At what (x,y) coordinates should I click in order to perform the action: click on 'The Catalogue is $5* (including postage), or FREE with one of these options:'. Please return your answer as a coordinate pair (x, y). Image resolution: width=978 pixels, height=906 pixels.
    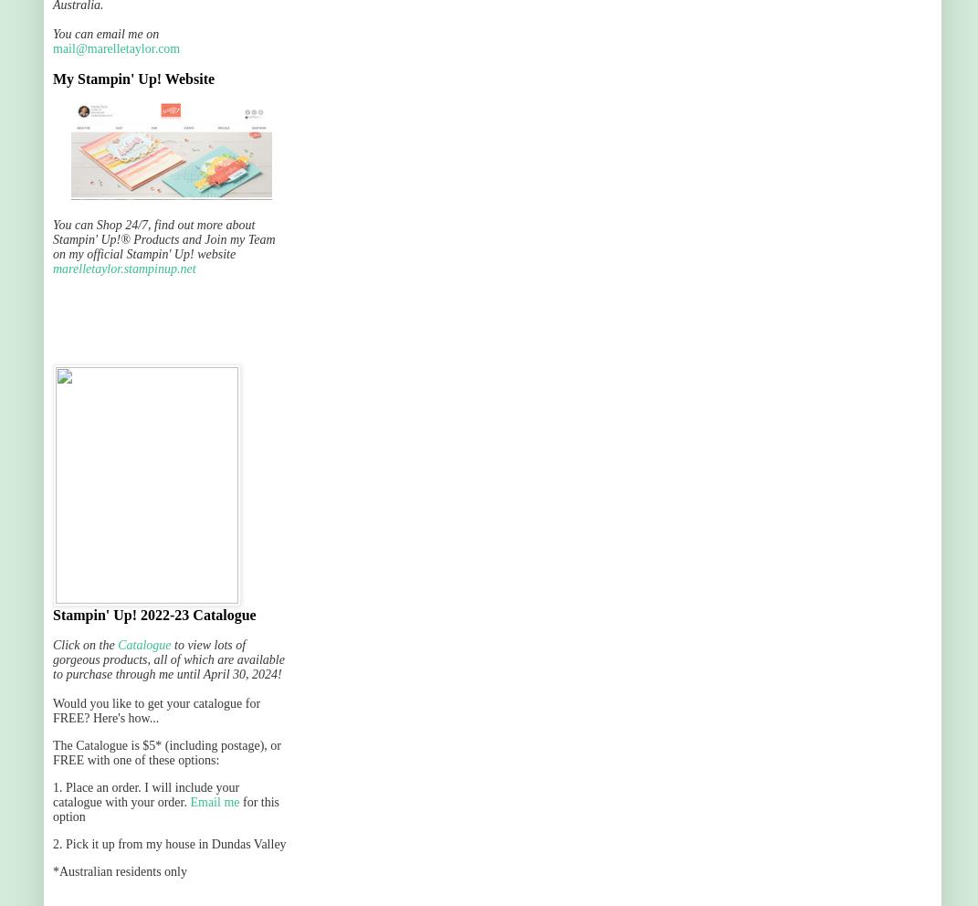
    Looking at the image, I should click on (166, 753).